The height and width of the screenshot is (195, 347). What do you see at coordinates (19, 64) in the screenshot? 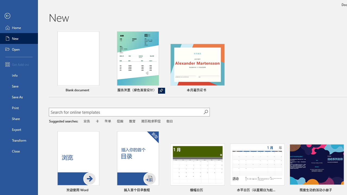
I see `'Get Add-ins'` at bounding box center [19, 64].